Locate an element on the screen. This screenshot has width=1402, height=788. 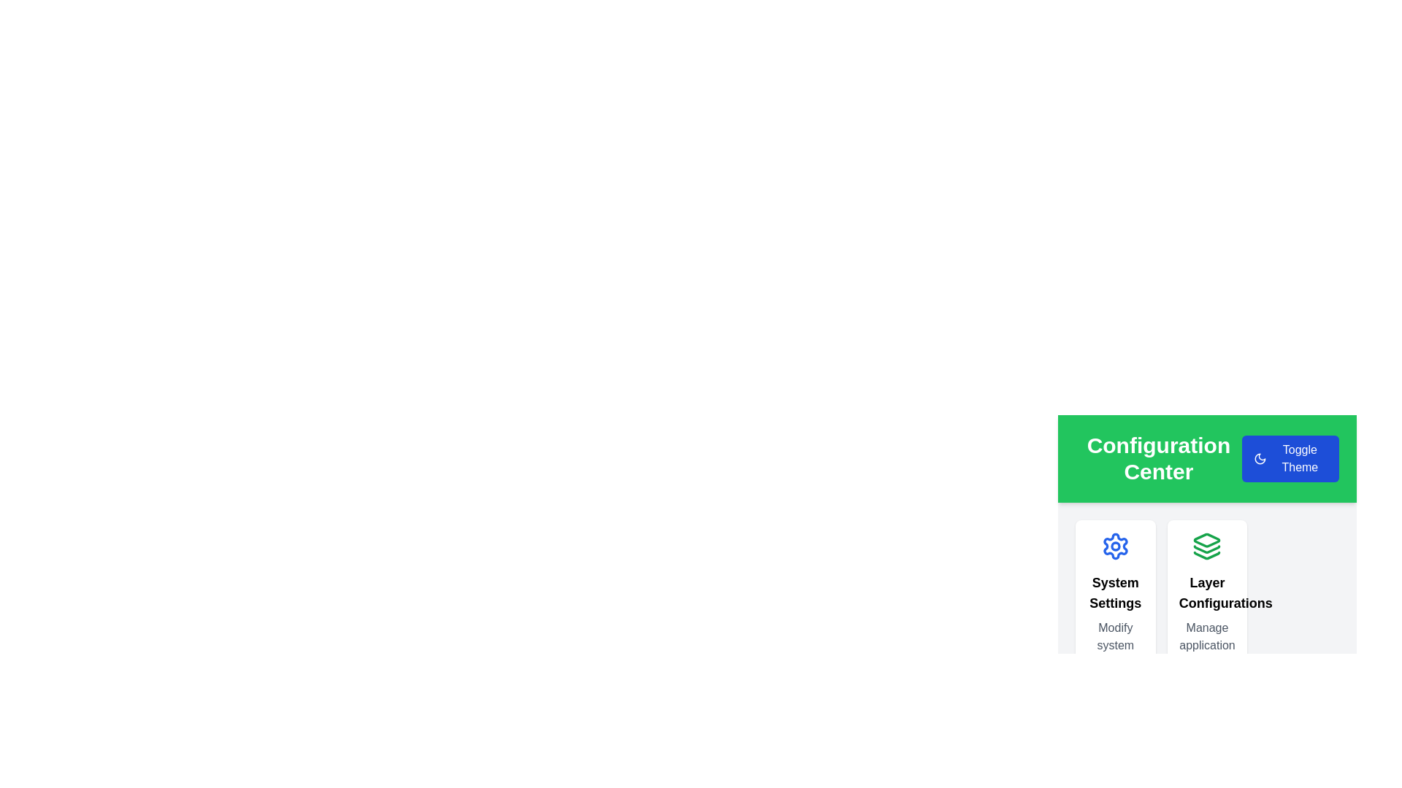
text label that says 'Manage application layers dynamically.' positioned below the heading 'Layer Configurations' in the card interface is located at coordinates (1207, 654).